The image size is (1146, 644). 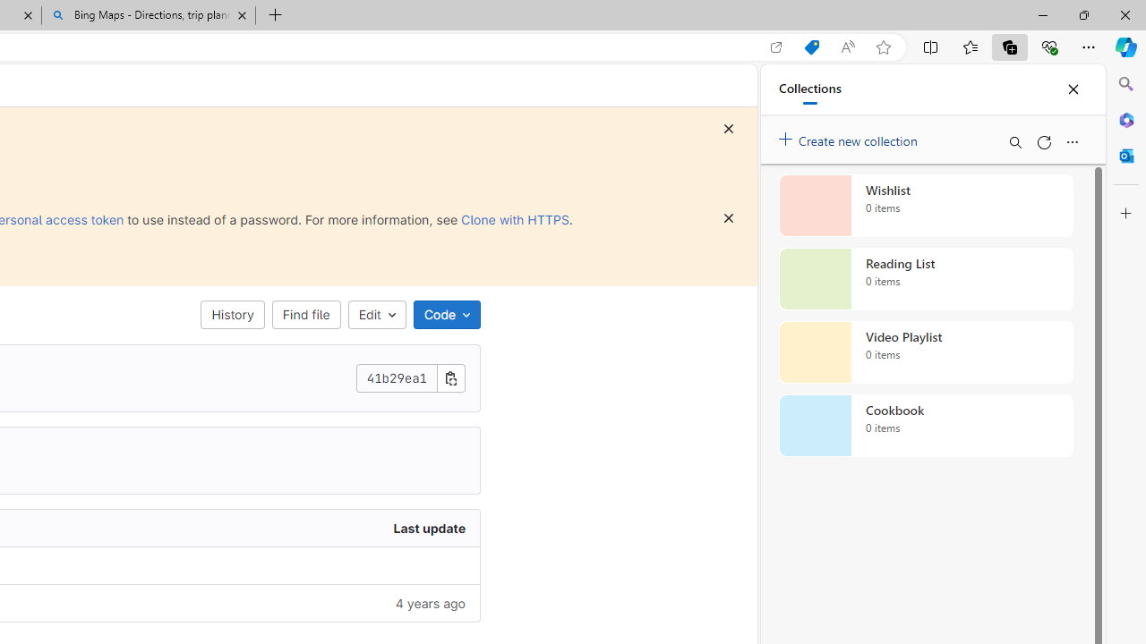 I want to click on 'Find file', so click(x=306, y=314).